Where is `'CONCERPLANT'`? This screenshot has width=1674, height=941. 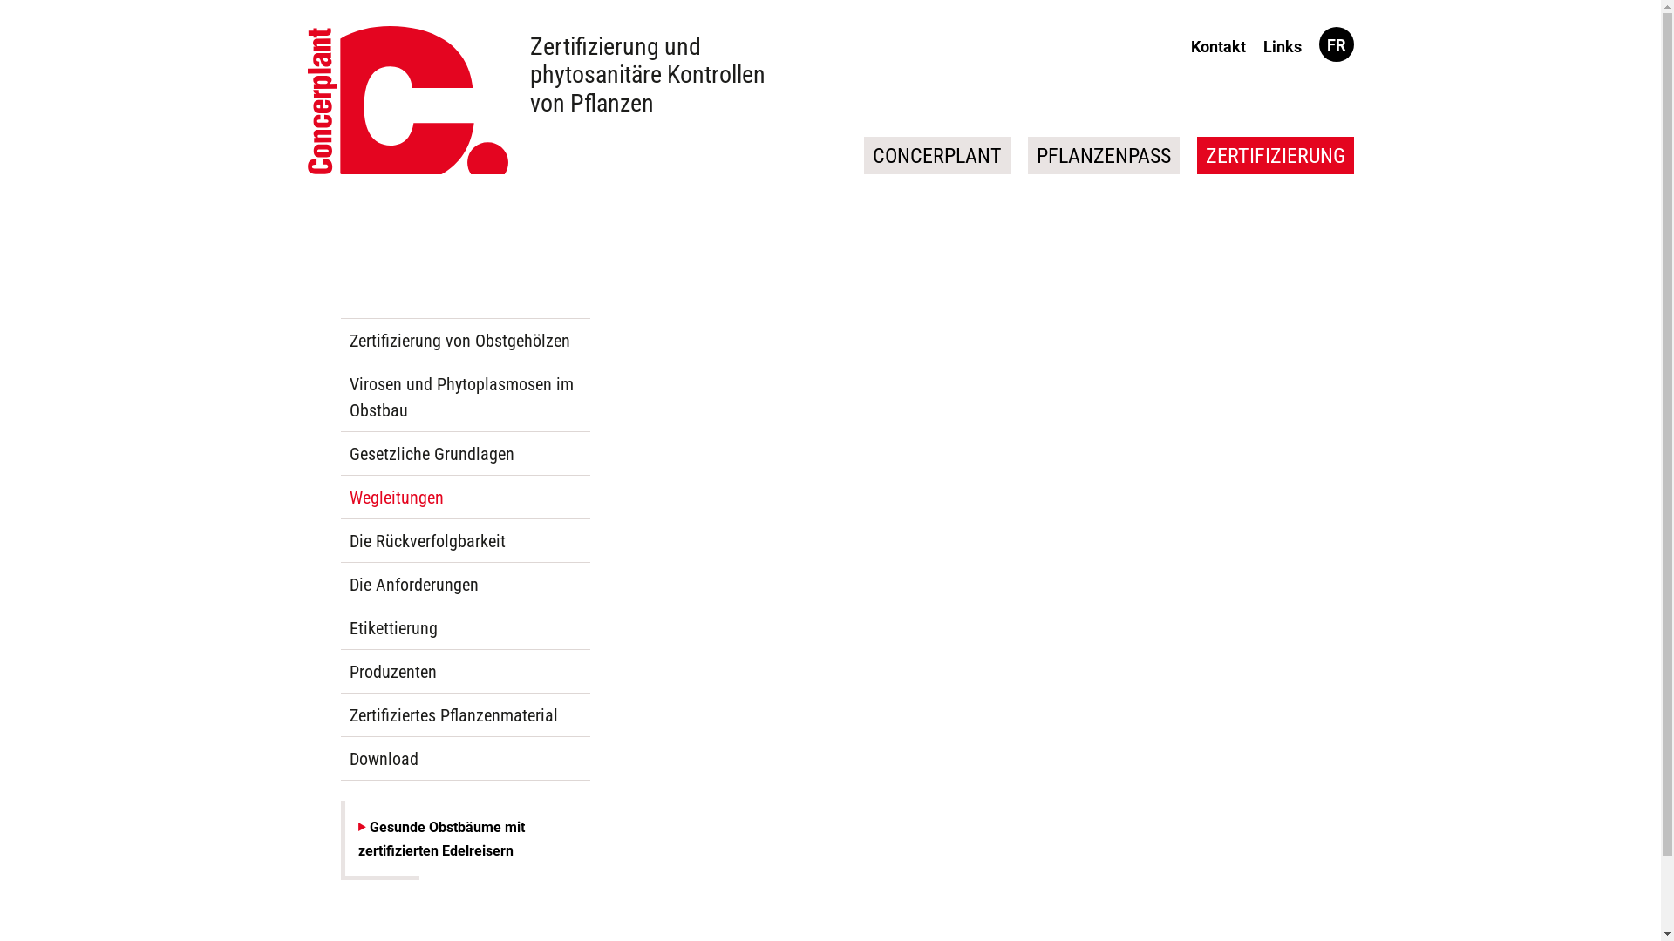 'CONCERPLANT' is located at coordinates (936, 154).